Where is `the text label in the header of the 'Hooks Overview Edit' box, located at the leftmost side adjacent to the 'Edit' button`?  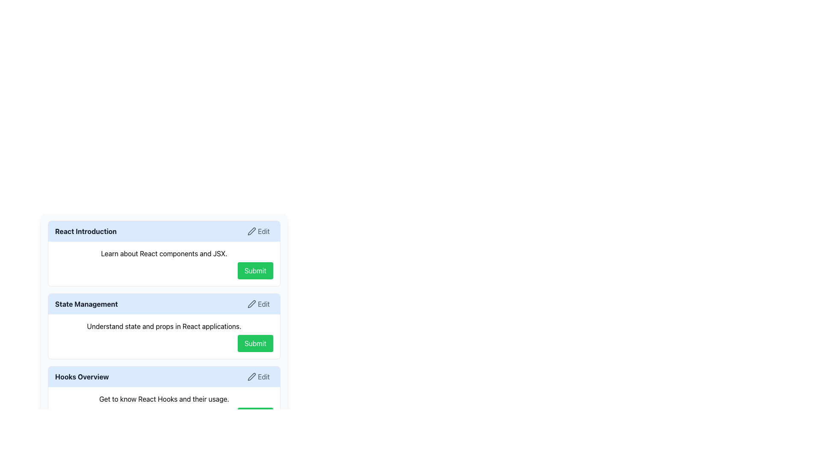 the text label in the header of the 'Hooks Overview Edit' box, located at the leftmost side adjacent to the 'Edit' button is located at coordinates (82, 376).